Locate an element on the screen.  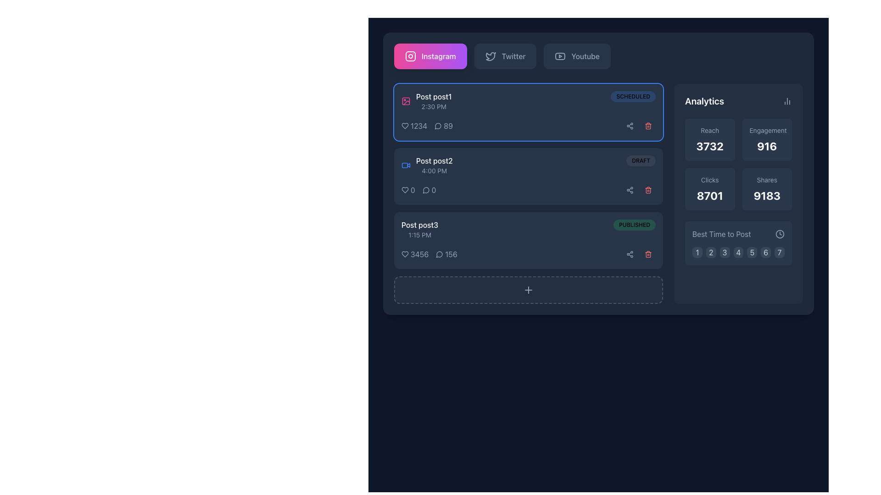
the trash can icon is located at coordinates (647, 190).